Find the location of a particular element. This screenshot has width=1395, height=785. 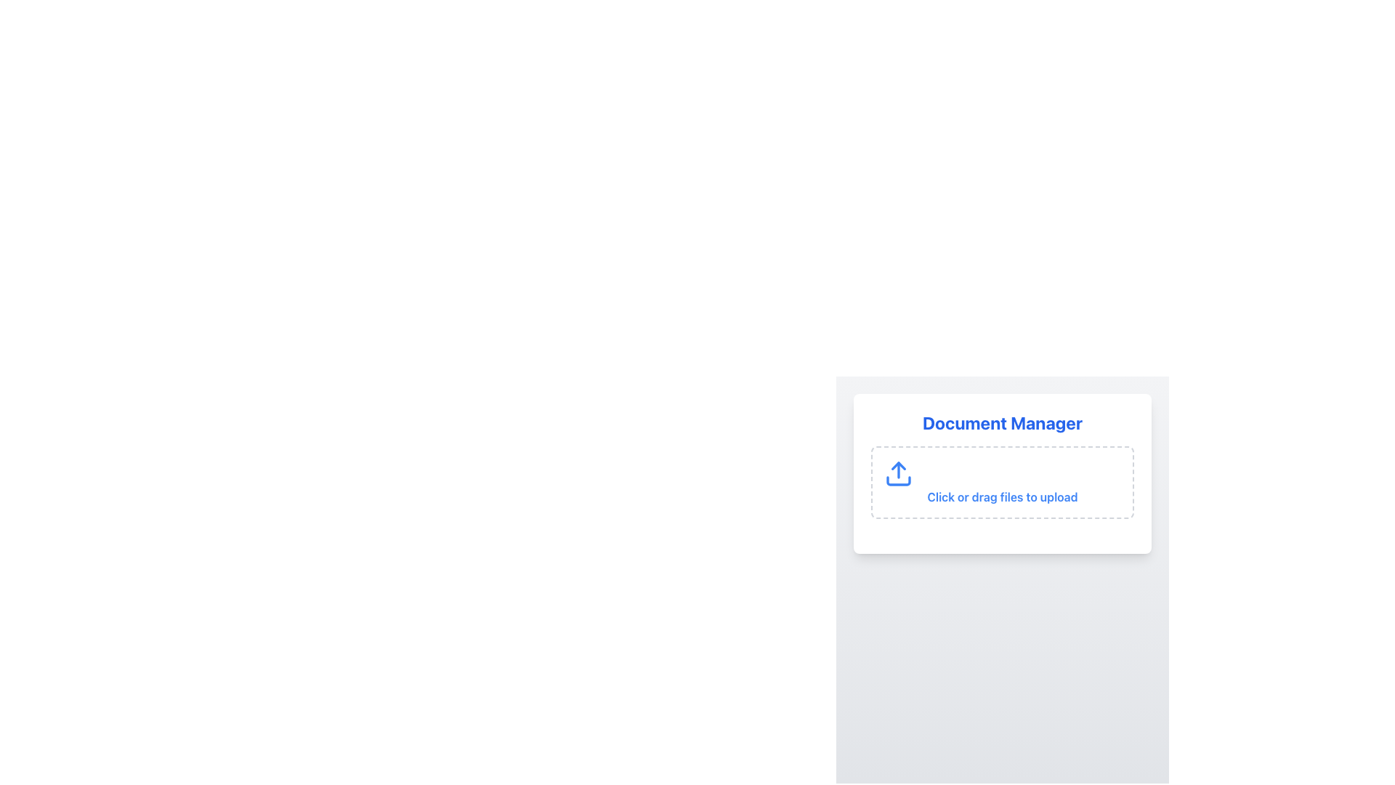

the bottom curve of the upload button graphic within the 'Document Manager' card icon is located at coordinates (898, 481).